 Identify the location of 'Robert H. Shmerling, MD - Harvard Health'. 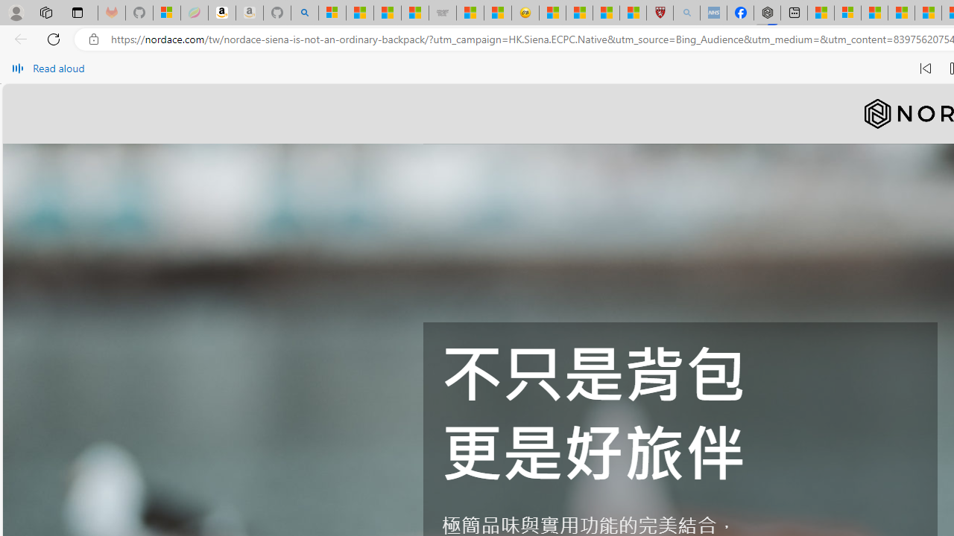
(659, 13).